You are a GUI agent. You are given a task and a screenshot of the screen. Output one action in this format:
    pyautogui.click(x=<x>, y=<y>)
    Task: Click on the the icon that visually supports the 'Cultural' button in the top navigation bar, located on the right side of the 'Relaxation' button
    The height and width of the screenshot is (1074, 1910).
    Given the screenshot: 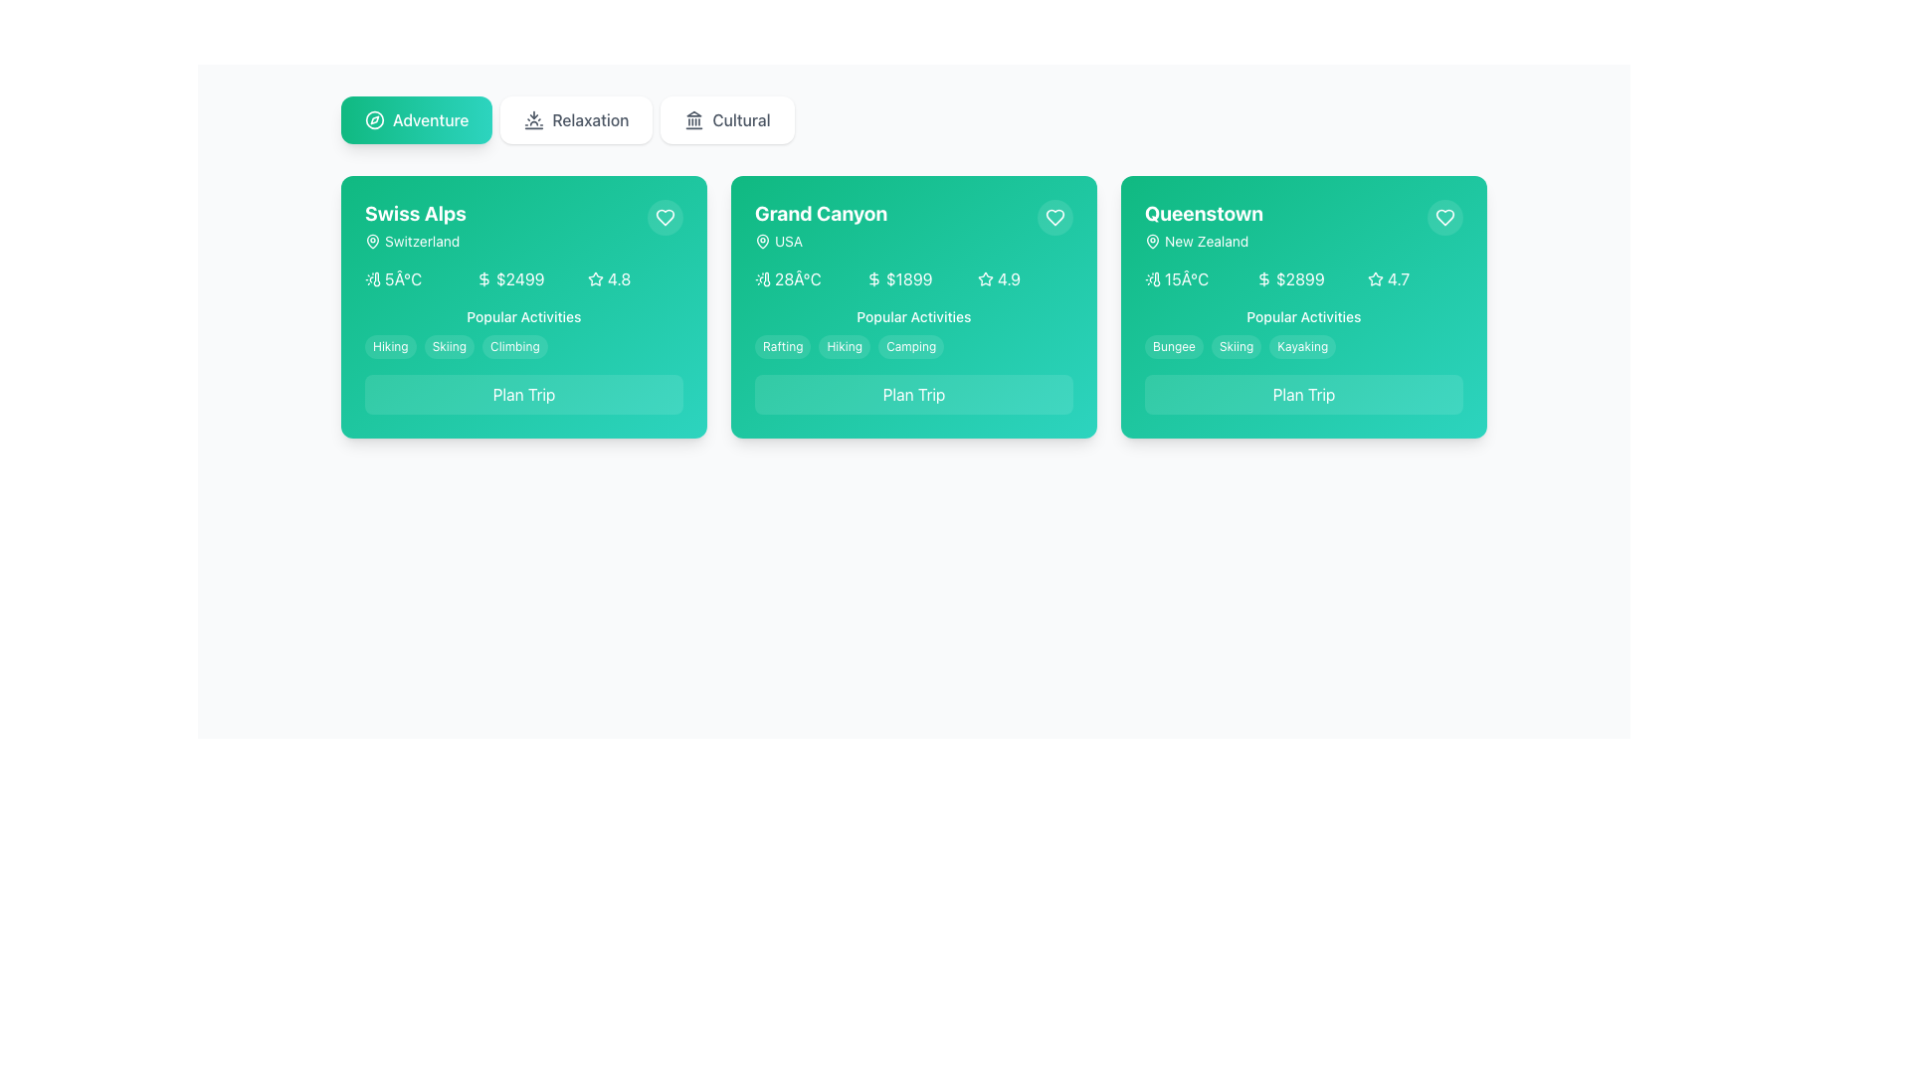 What is the action you would take?
    pyautogui.click(x=694, y=119)
    